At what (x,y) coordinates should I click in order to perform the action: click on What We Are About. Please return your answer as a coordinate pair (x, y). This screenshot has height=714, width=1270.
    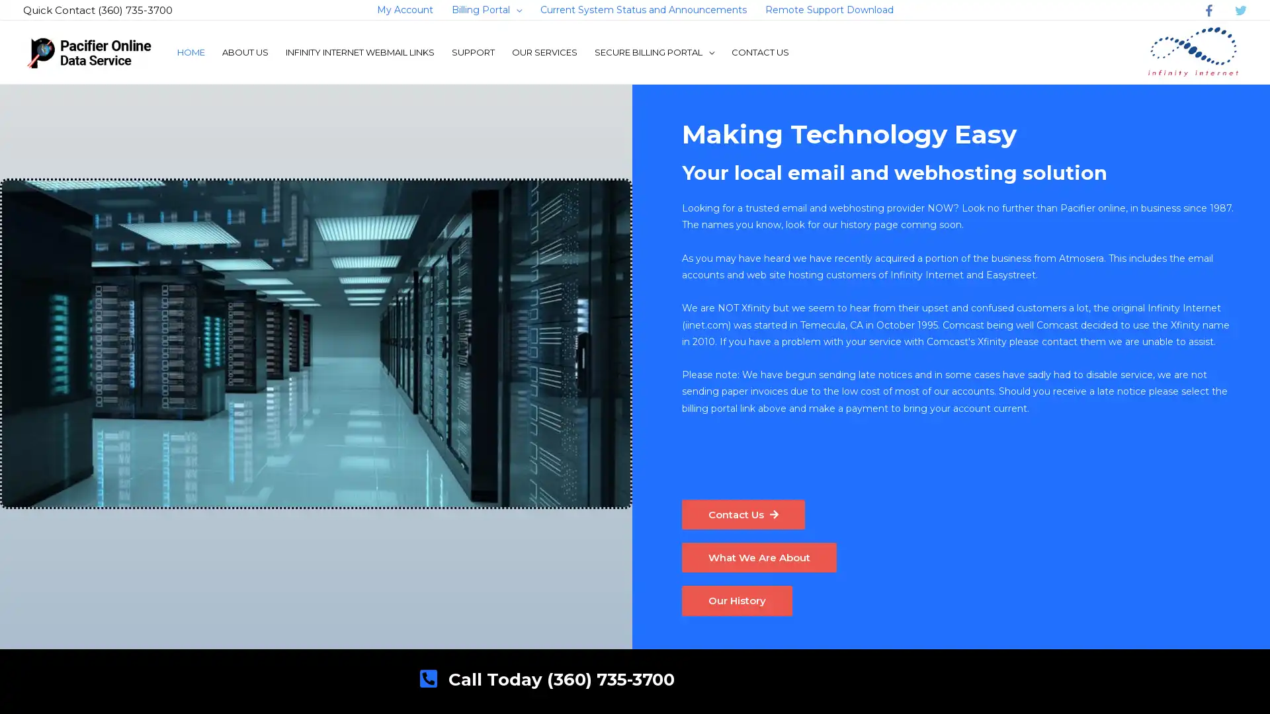
    Looking at the image, I should click on (762, 559).